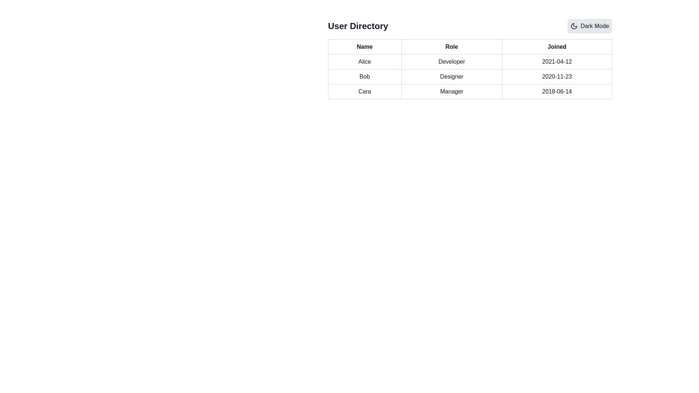 The image size is (699, 393). Describe the element at coordinates (364, 91) in the screenshot. I see `the text label displaying the name of a person in the third row of the table under the 'Name' column` at that location.